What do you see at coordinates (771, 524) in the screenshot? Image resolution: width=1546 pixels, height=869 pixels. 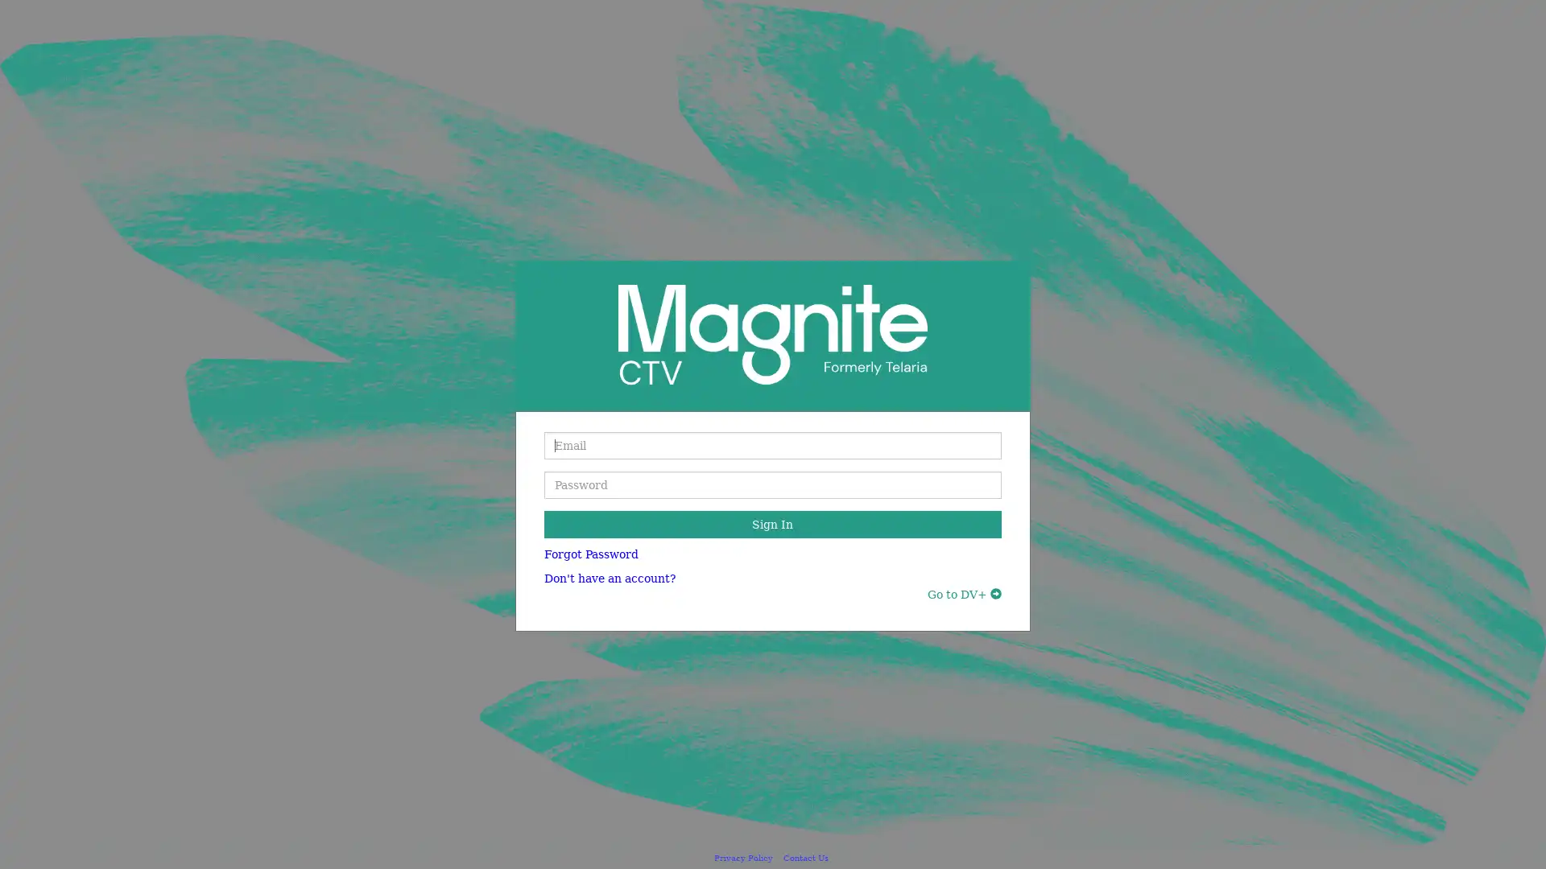 I see `Sign In` at bounding box center [771, 524].